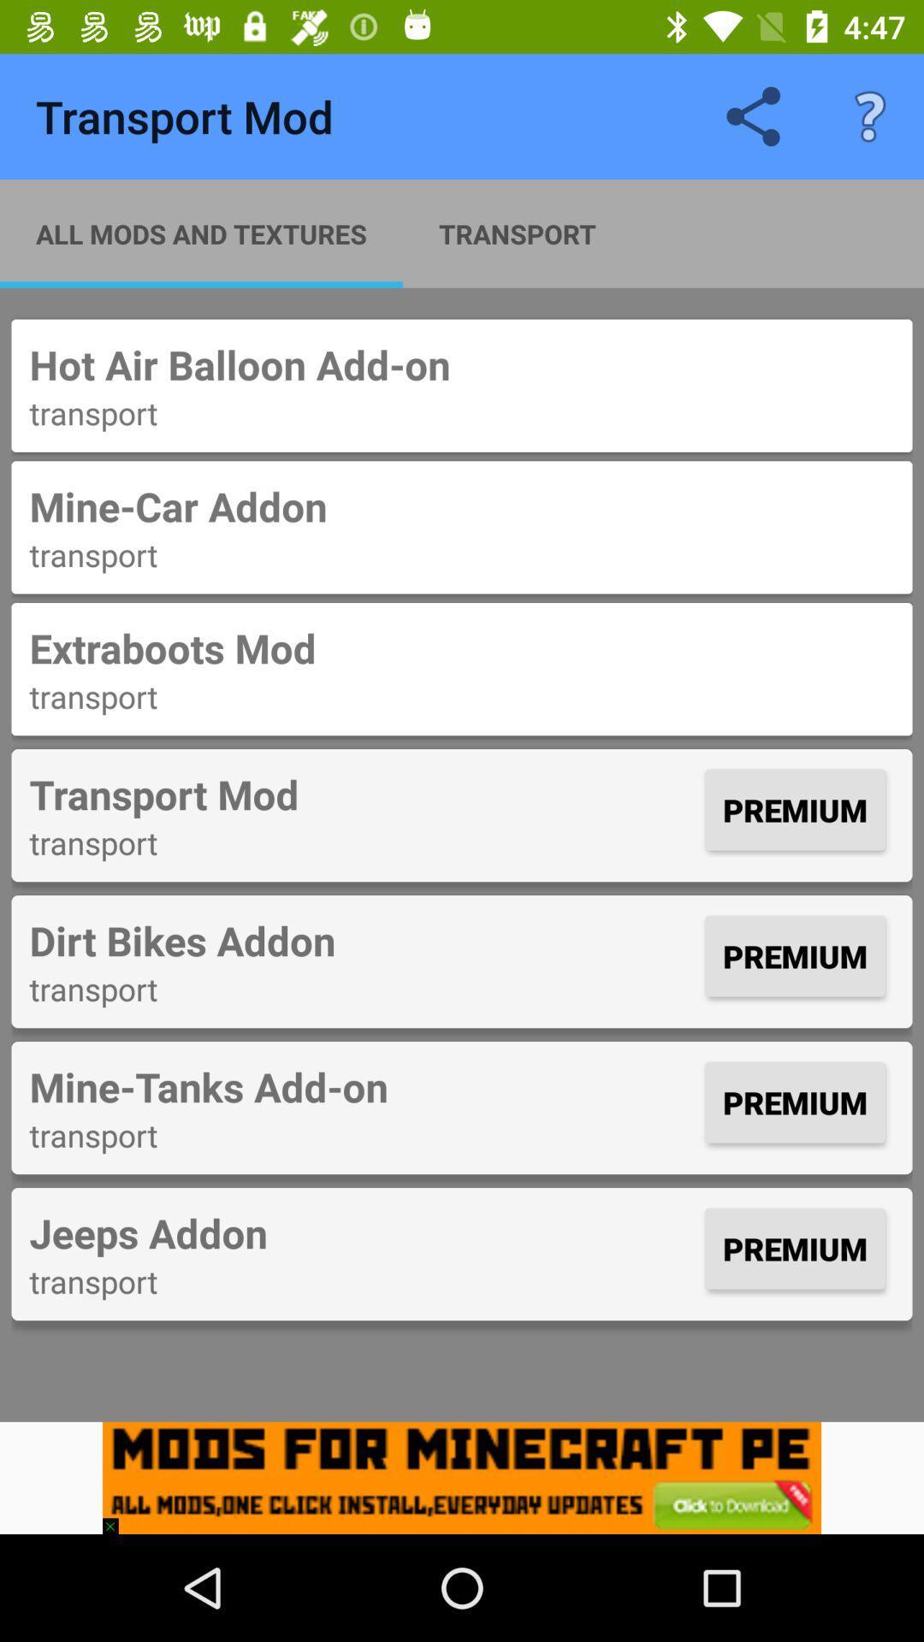 The width and height of the screenshot is (924, 1642). What do you see at coordinates (362, 1232) in the screenshot?
I see `the icon below transport item` at bounding box center [362, 1232].